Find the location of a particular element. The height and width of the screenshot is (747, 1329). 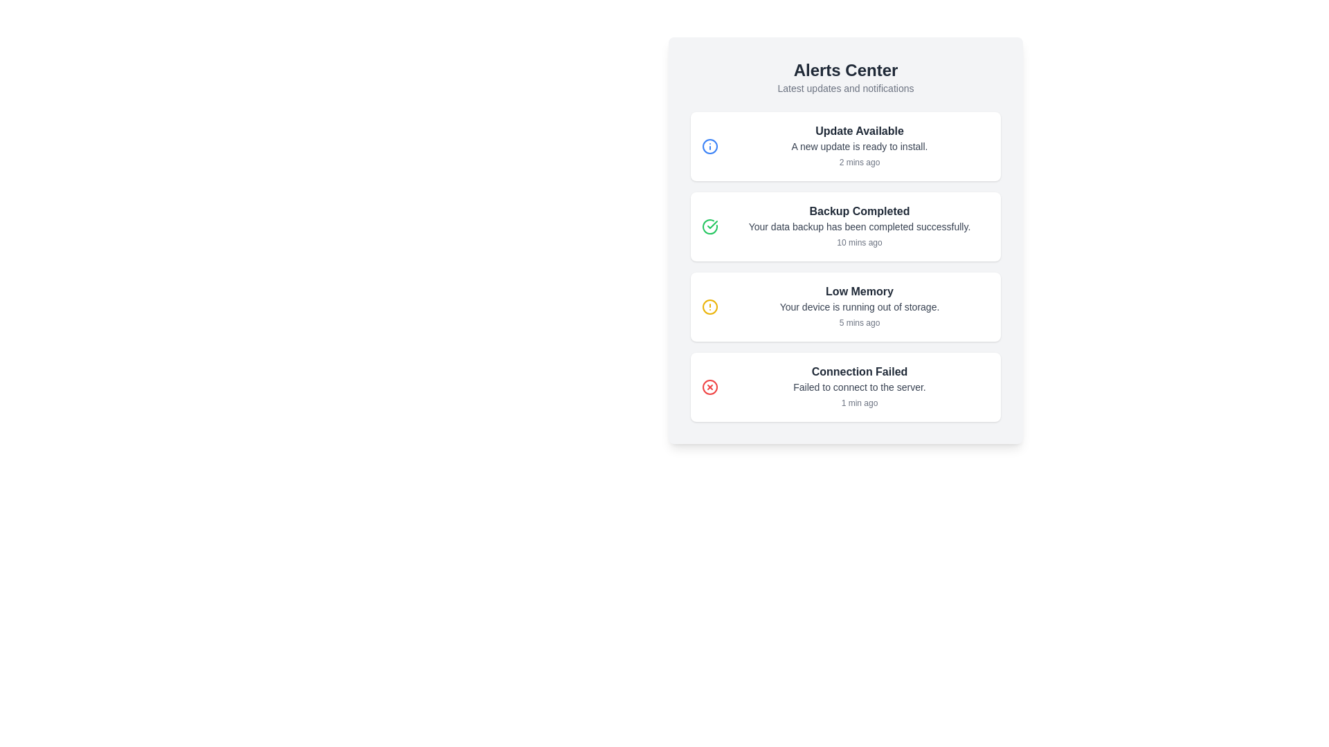

timestamp displayed in the lower-right corner of the last alert card, which indicates when the 'Connection Failed' alert occurred is located at coordinates (859, 403).